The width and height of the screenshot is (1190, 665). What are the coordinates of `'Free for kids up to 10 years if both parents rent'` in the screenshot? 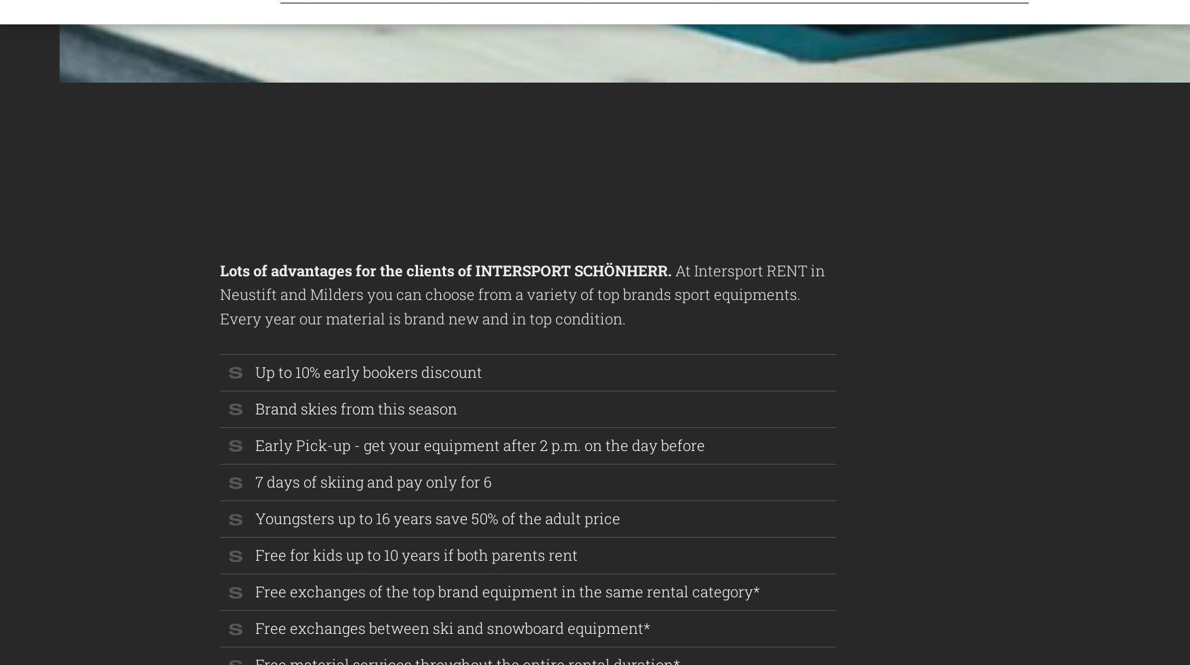 It's located at (416, 555).